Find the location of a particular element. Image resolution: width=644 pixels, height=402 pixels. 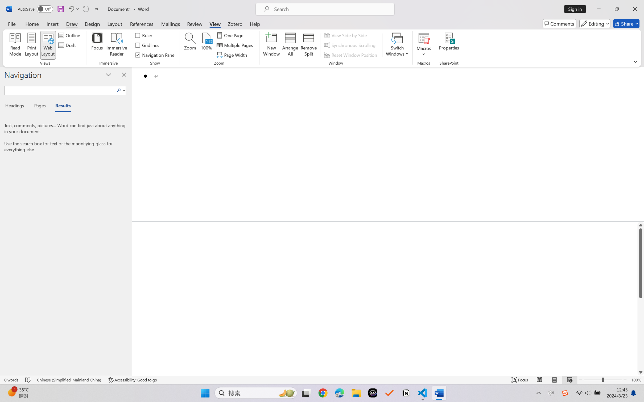

'Ruler' is located at coordinates (144, 35).